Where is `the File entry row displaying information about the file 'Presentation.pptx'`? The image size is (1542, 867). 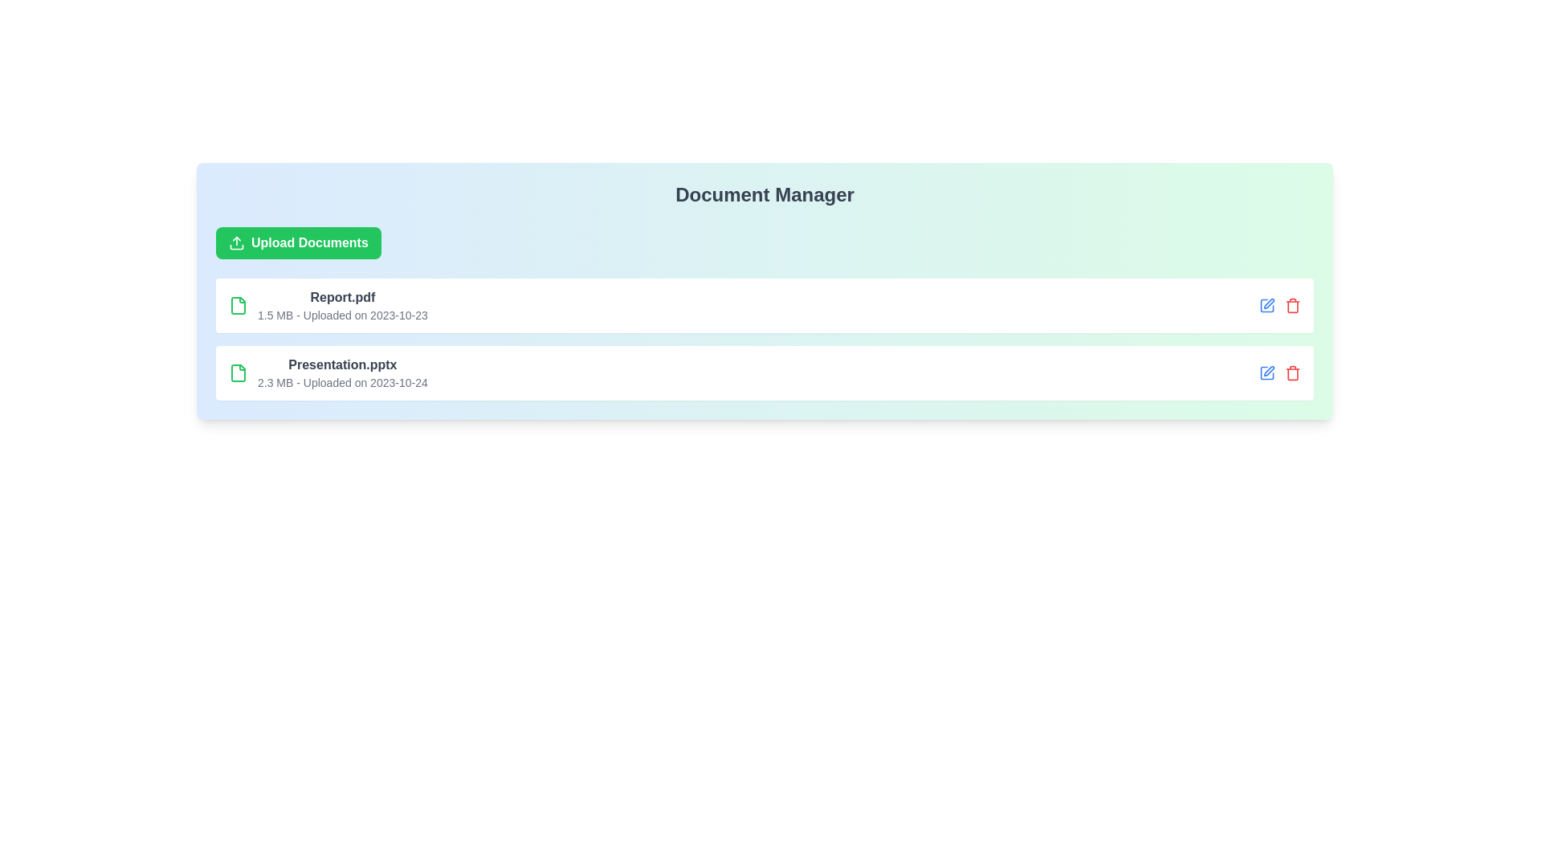
the File entry row displaying information about the file 'Presentation.pptx' is located at coordinates (764, 373).